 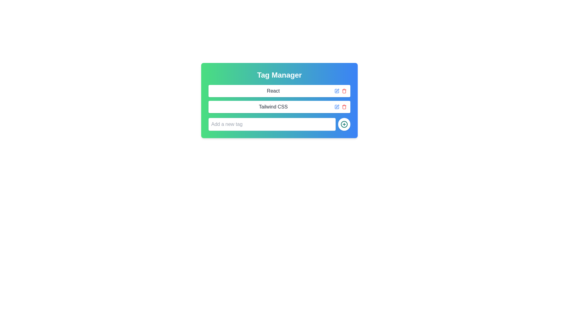 What do you see at coordinates (337, 91) in the screenshot?
I see `the pencil icon located to the immediate right of the 'React' label to initiate the editing functionality` at bounding box center [337, 91].